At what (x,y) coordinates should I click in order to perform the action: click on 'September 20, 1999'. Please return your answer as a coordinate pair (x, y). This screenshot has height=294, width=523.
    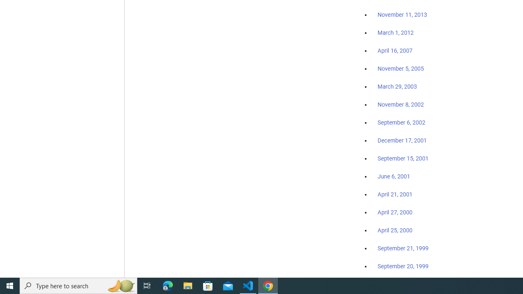
    Looking at the image, I should click on (403, 266).